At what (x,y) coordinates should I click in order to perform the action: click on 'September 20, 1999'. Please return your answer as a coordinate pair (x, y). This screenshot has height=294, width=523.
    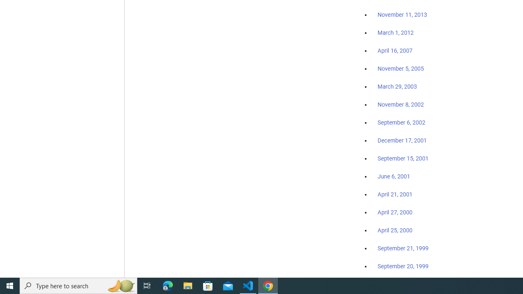
    Looking at the image, I should click on (403, 266).